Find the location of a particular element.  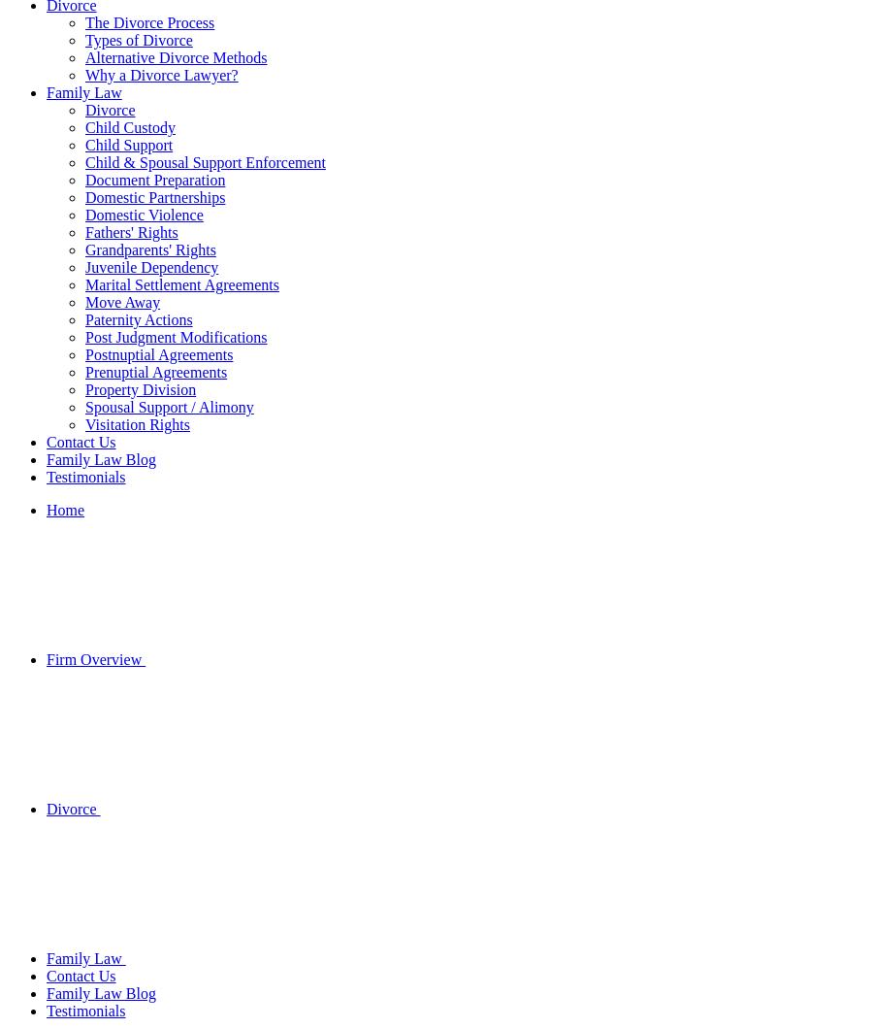

'Prenuptial Agreements' is located at coordinates (156, 371).